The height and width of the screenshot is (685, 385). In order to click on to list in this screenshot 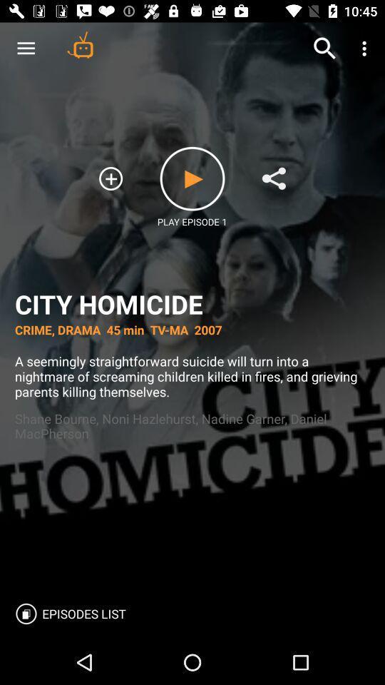, I will do `click(274, 178)`.